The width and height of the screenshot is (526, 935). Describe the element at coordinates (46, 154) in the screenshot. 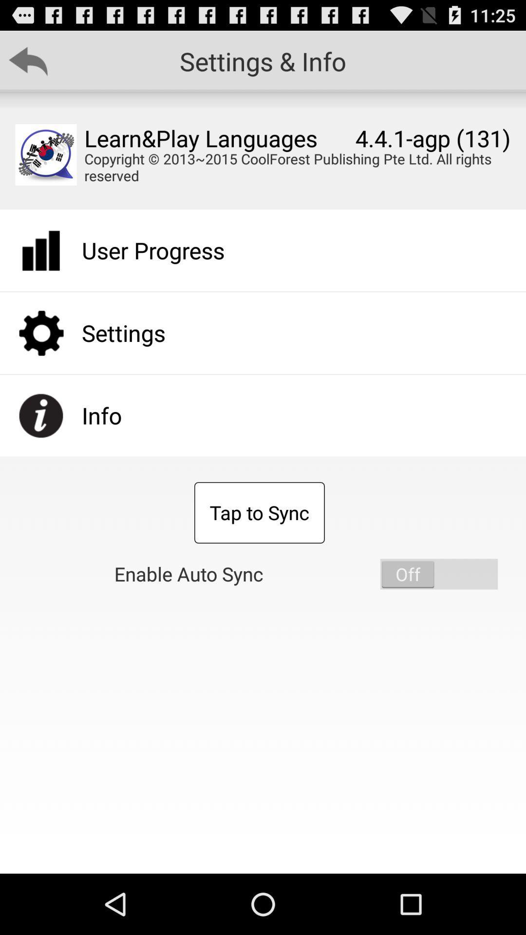

I see `item to the left of learn&play languages icon` at that location.